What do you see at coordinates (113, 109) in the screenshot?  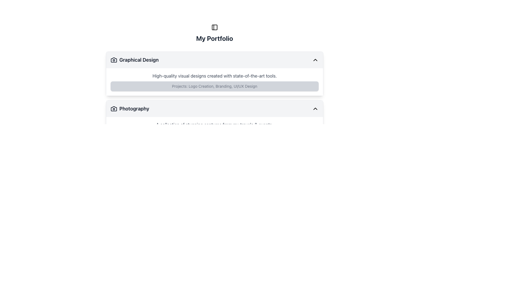 I see `the outlined camera icon located at the start of the 'Photography' section, which is positioned to the left of the bold 'Photography' text` at bounding box center [113, 109].